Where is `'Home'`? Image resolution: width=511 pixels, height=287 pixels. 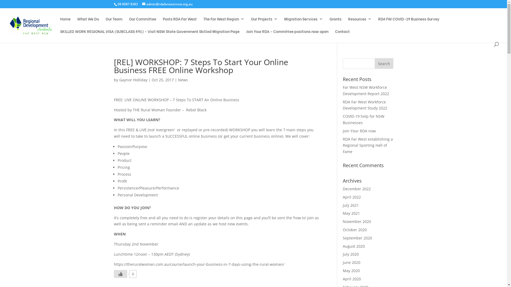 'Home' is located at coordinates (65, 23).